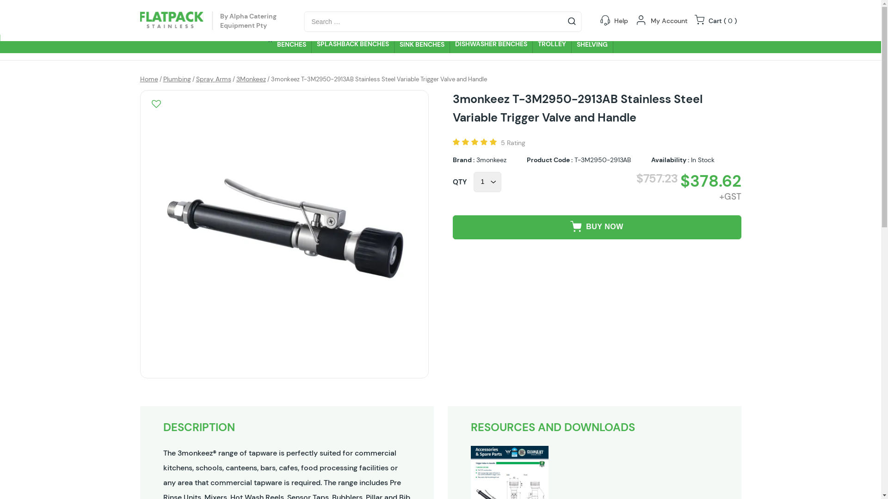  I want to click on 'SPLASHBACK BENCHES', so click(352, 44).